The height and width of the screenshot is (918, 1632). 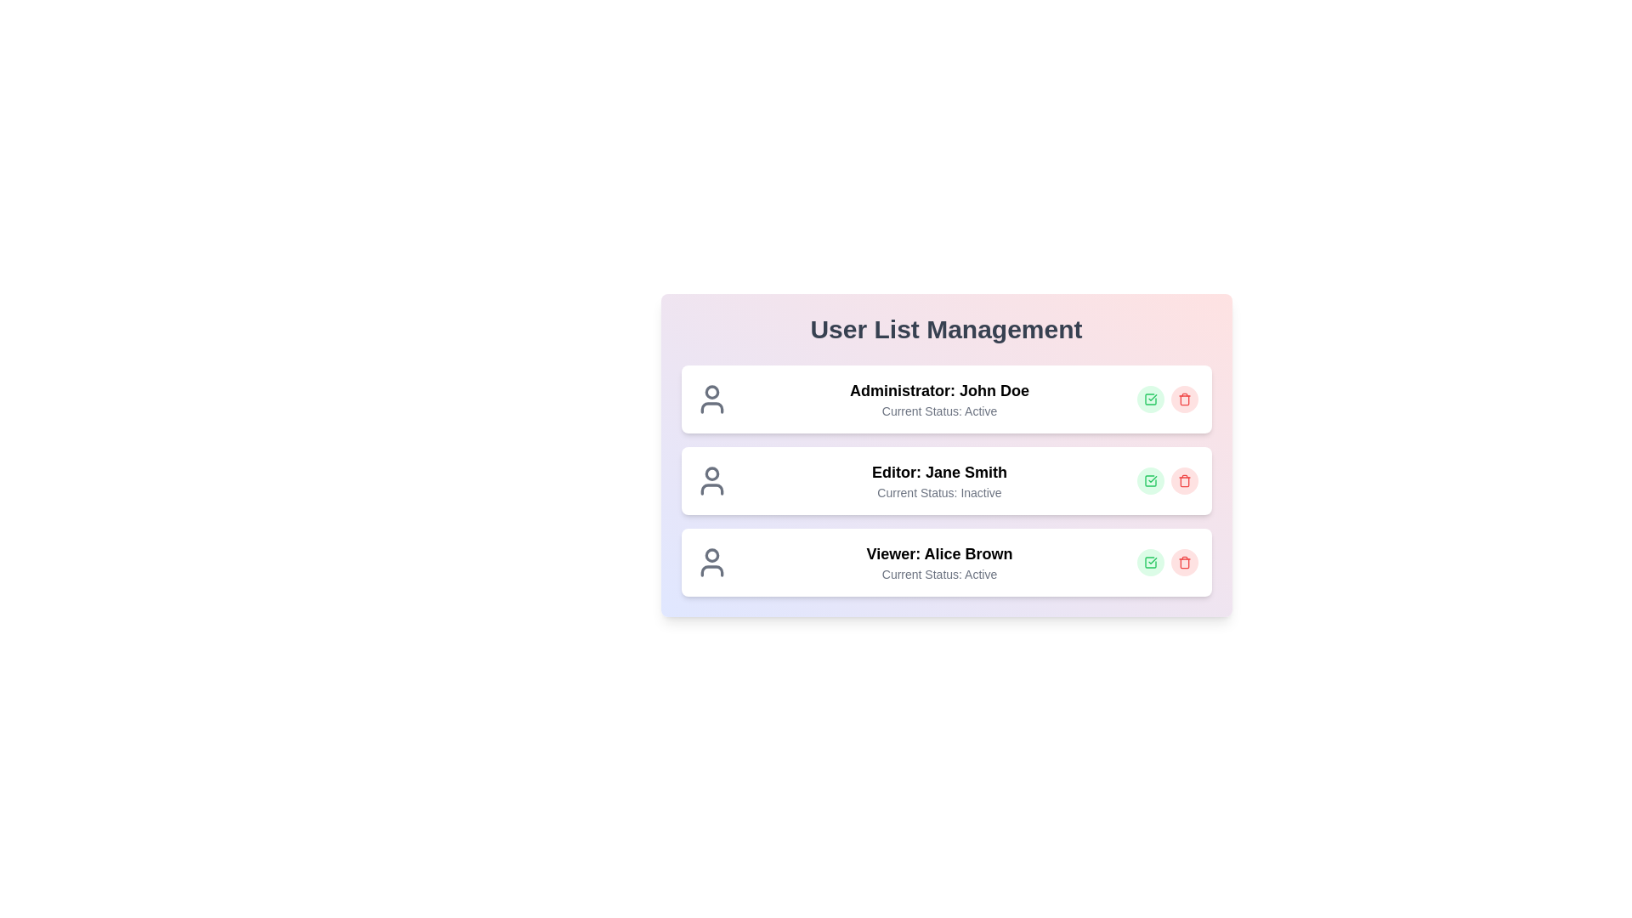 I want to click on the SVG circle representing the user profile icon for Viewer: Alice Brown in the user list management card, so click(x=711, y=555).